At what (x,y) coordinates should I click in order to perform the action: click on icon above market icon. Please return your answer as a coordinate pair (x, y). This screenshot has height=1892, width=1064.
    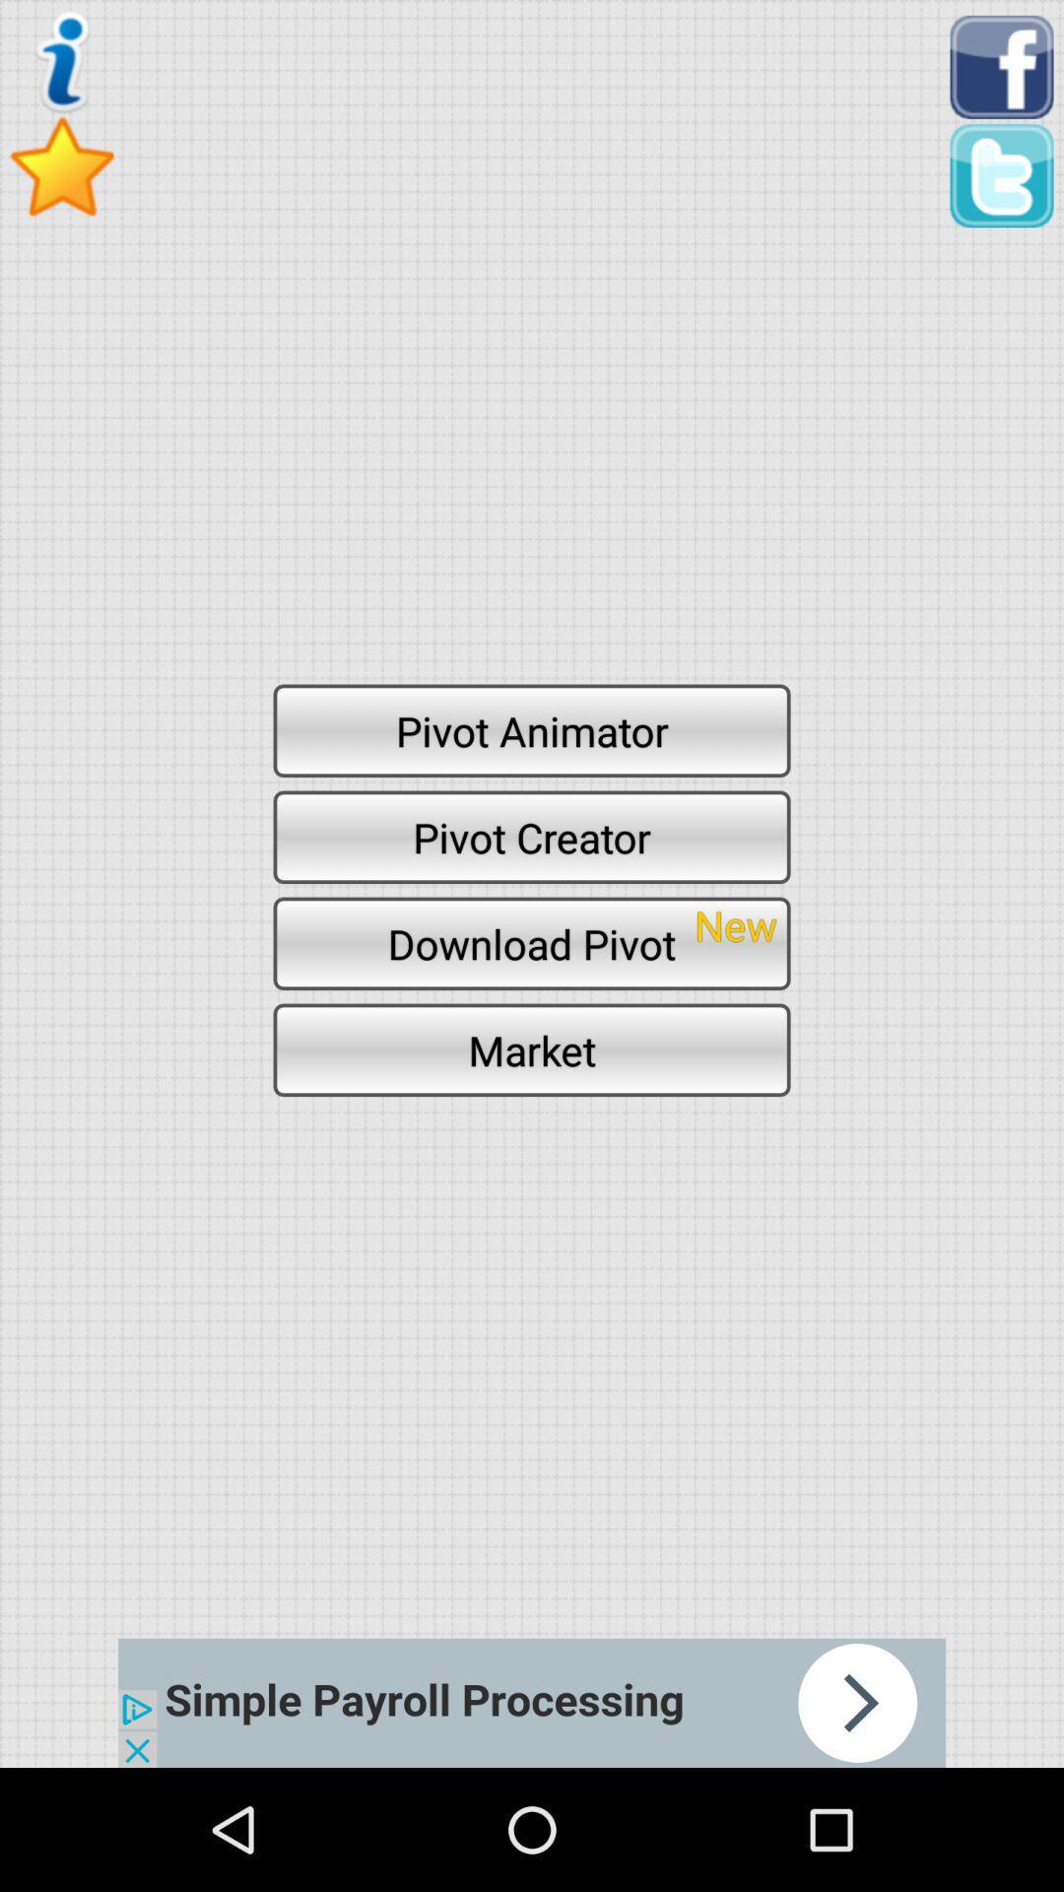
    Looking at the image, I should click on (532, 942).